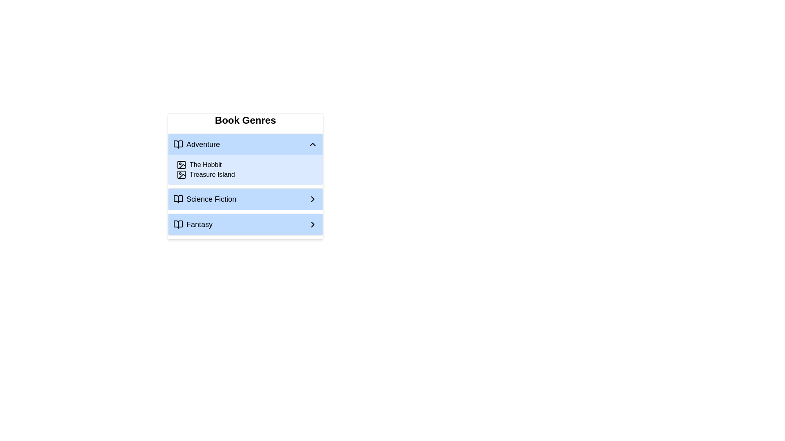 This screenshot has height=441, width=785. I want to click on the open book icon located to the left of the 'Science Fiction' text within the book genres menu, so click(178, 199).